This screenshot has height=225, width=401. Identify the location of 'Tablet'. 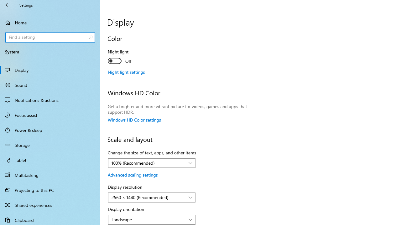
(50, 159).